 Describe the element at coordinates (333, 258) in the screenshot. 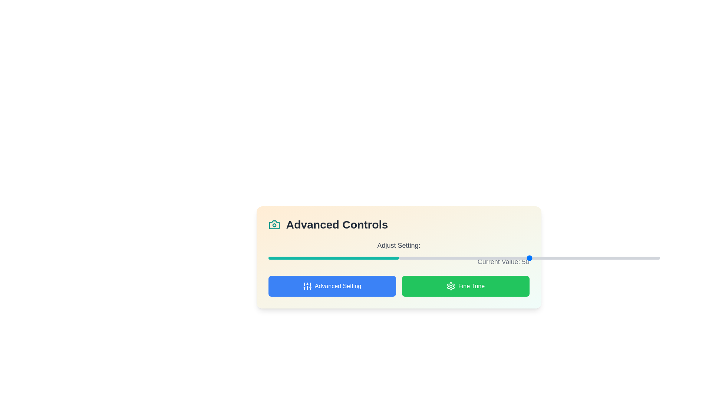

I see `the Progress bar or slider fill indicator that visually represents a filled portion of a slider component, indicating a value of 50%` at that location.